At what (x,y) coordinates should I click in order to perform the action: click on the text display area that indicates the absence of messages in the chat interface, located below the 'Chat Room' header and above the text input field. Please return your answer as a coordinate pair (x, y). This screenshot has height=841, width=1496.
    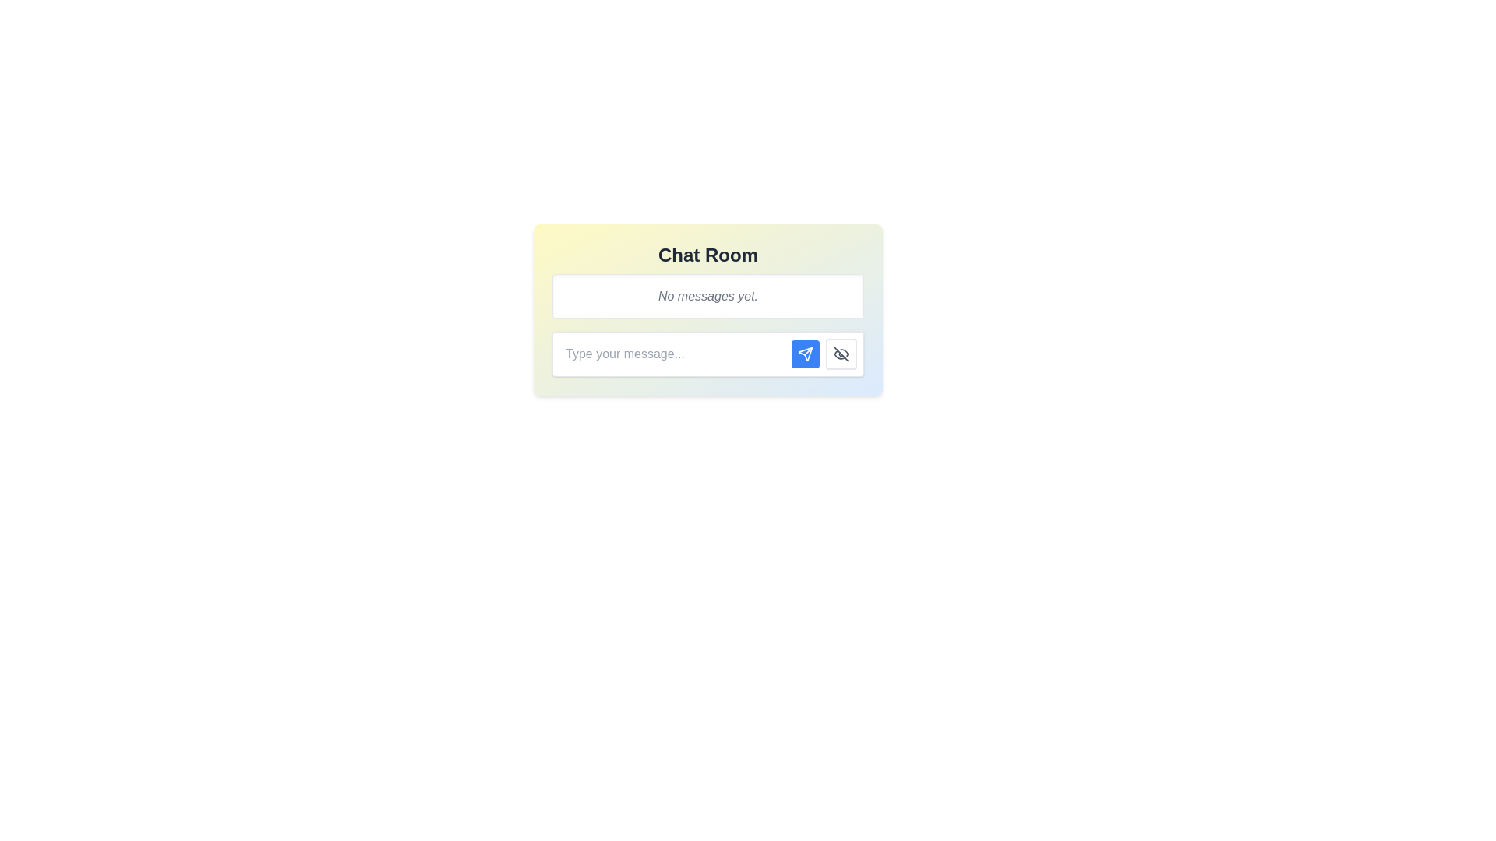
    Looking at the image, I should click on (707, 297).